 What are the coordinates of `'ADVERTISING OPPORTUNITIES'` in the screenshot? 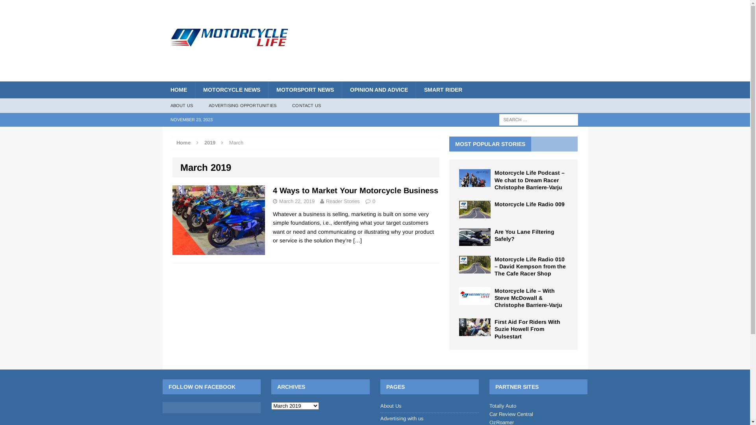 It's located at (242, 105).